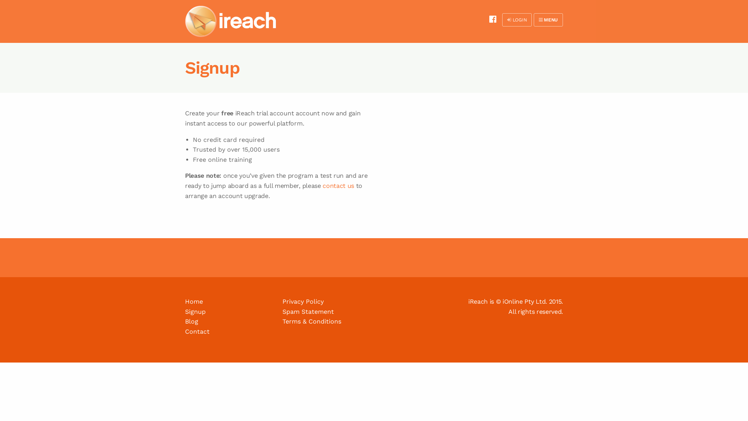 The width and height of the screenshot is (748, 421). I want to click on 'LOGIN', so click(517, 19).